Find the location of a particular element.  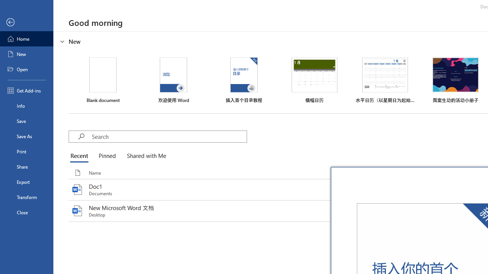

'Save As' is located at coordinates (26, 135).